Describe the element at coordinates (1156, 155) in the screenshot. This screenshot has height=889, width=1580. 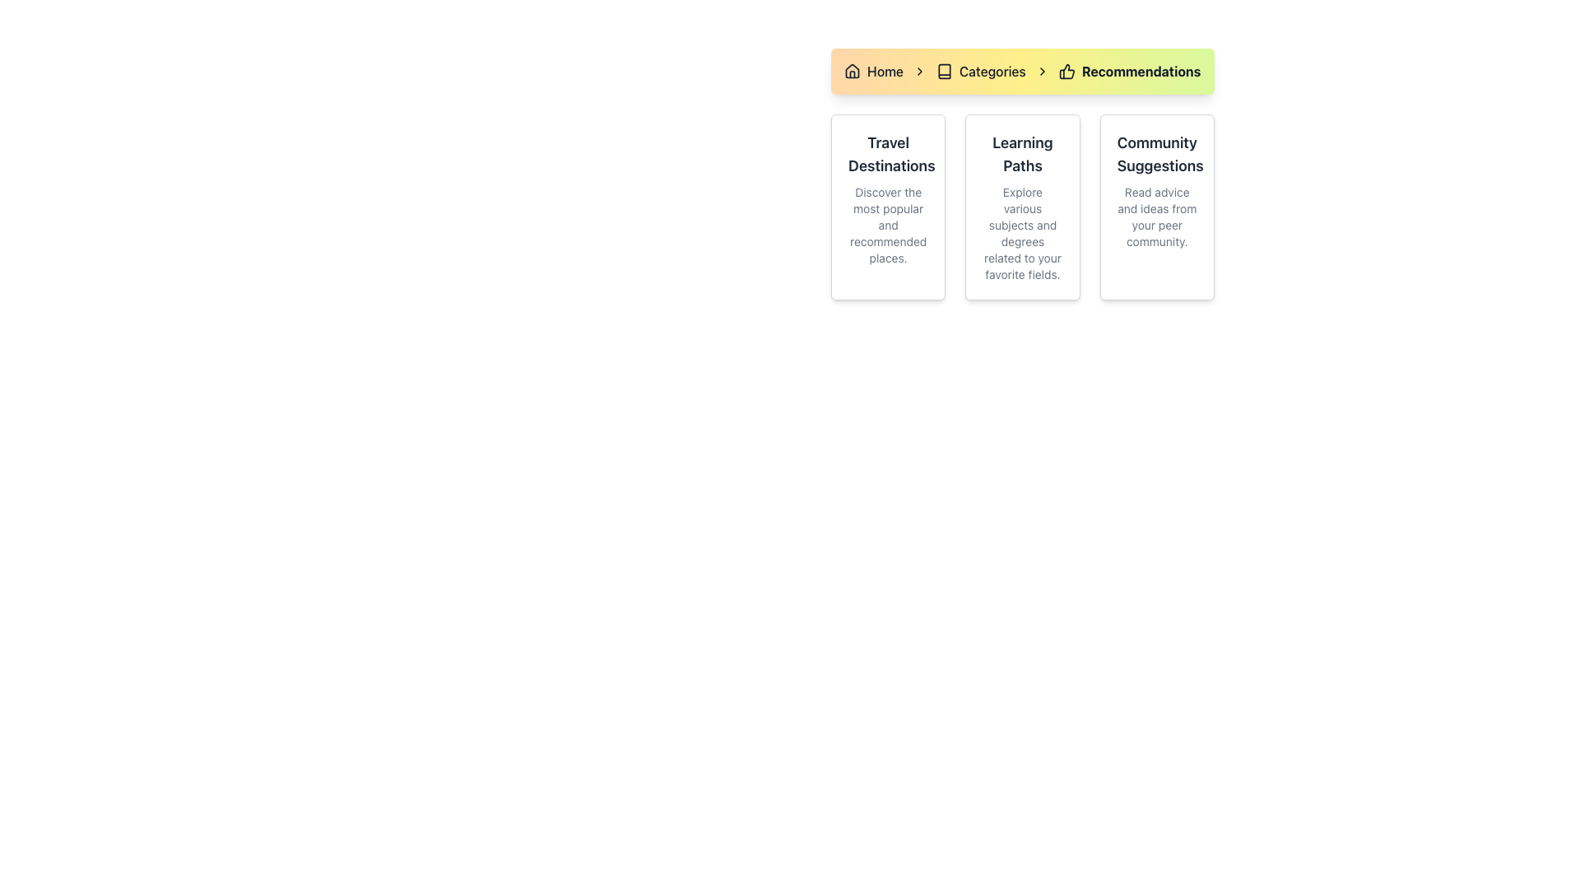
I see `the title text element that serves as a heading for a card containing community-based ideas and suggestions, positioned at the top right of the card` at that location.